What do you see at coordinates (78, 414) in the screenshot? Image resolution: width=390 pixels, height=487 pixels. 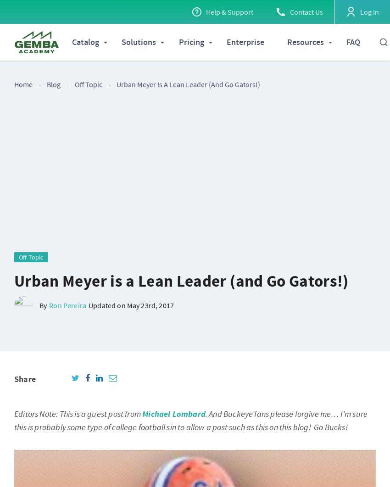 I see `'Editors Note: This is a guest post from'` at bounding box center [78, 414].